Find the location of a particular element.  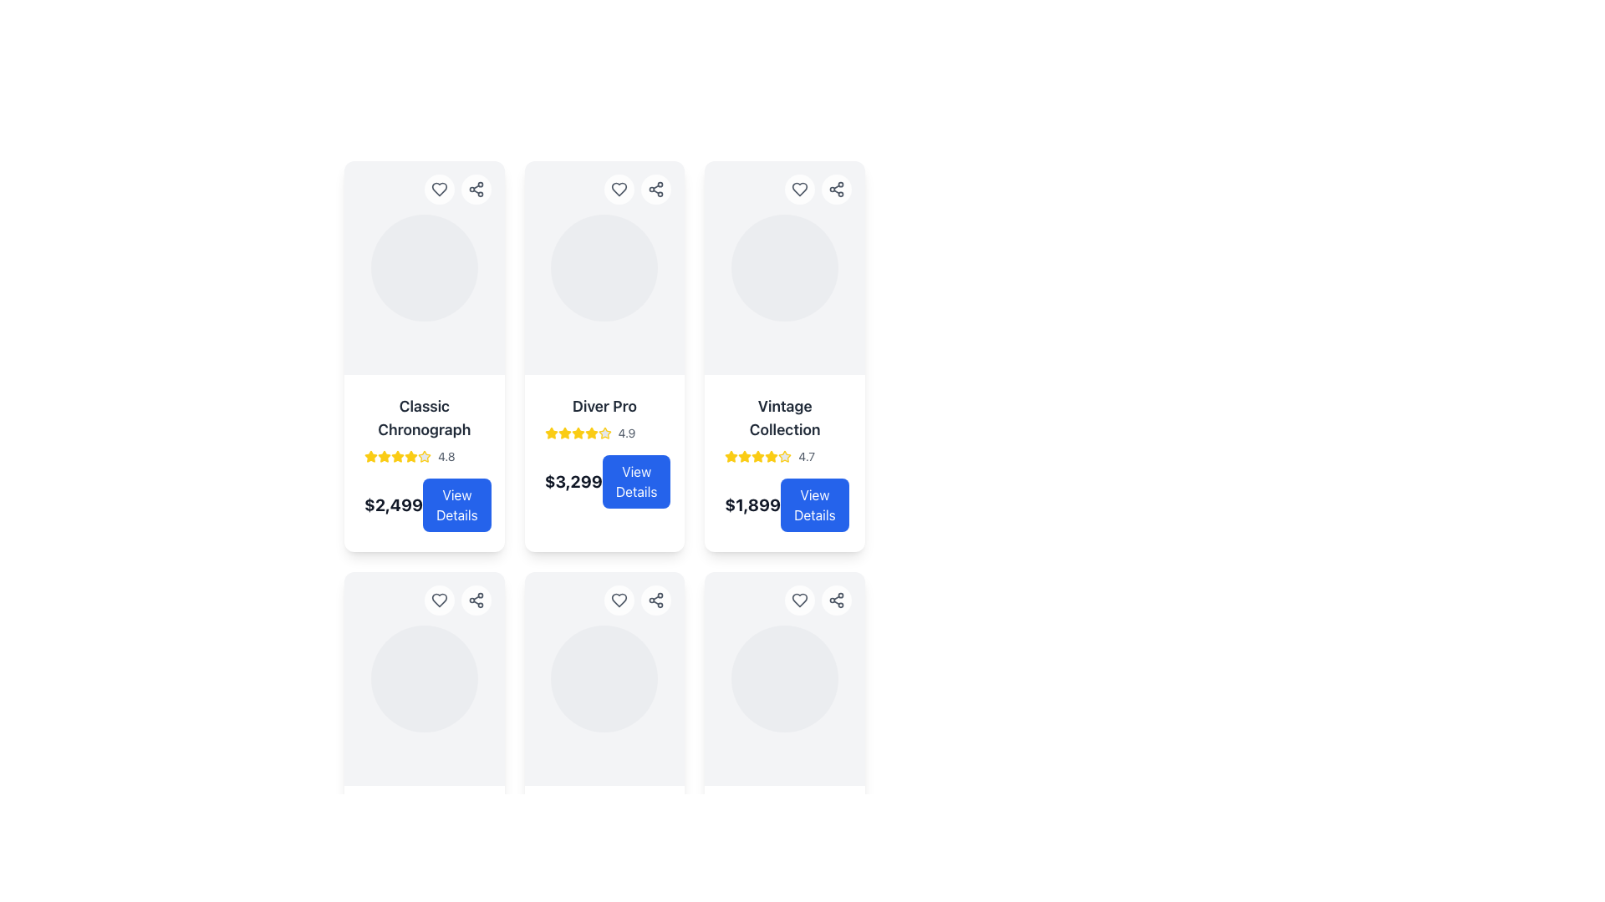

the heart-shaped button with a white background and gray border is located at coordinates (798, 189).